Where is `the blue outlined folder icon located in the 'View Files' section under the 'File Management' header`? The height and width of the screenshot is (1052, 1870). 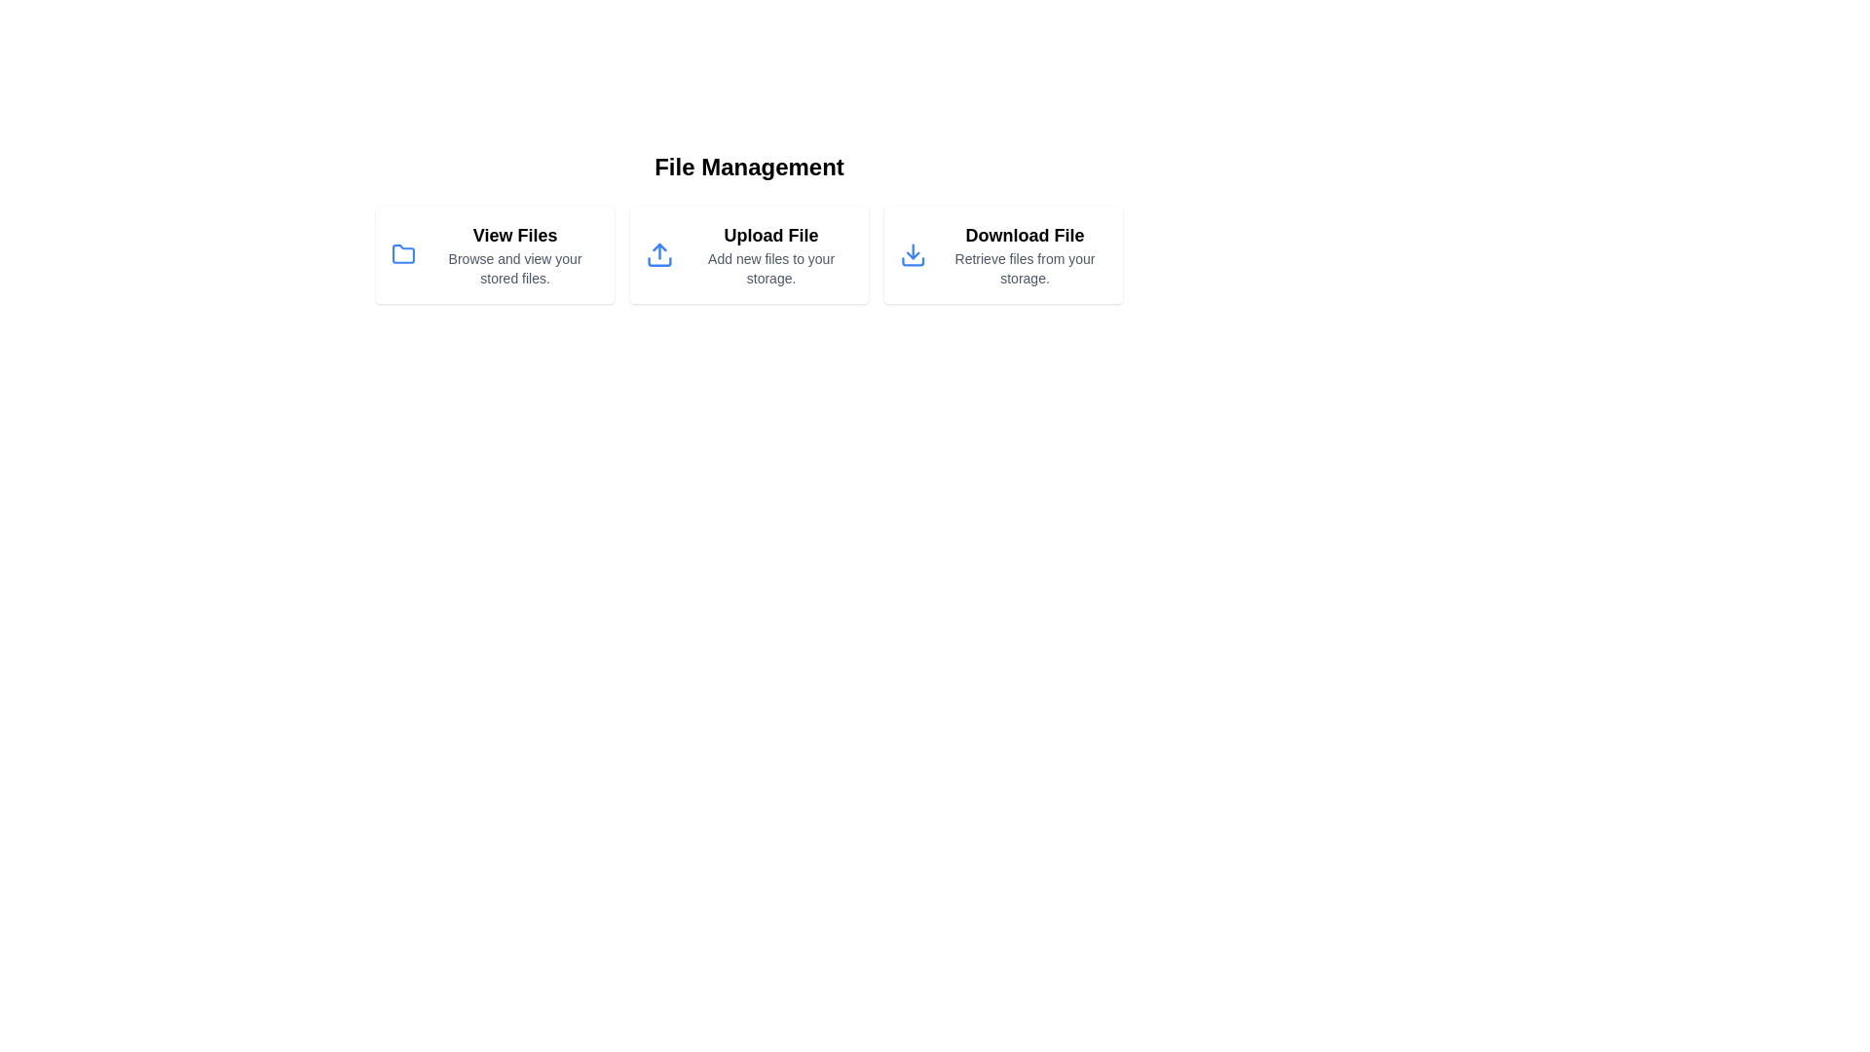 the blue outlined folder icon located in the 'View Files' section under the 'File Management' header is located at coordinates (401, 253).